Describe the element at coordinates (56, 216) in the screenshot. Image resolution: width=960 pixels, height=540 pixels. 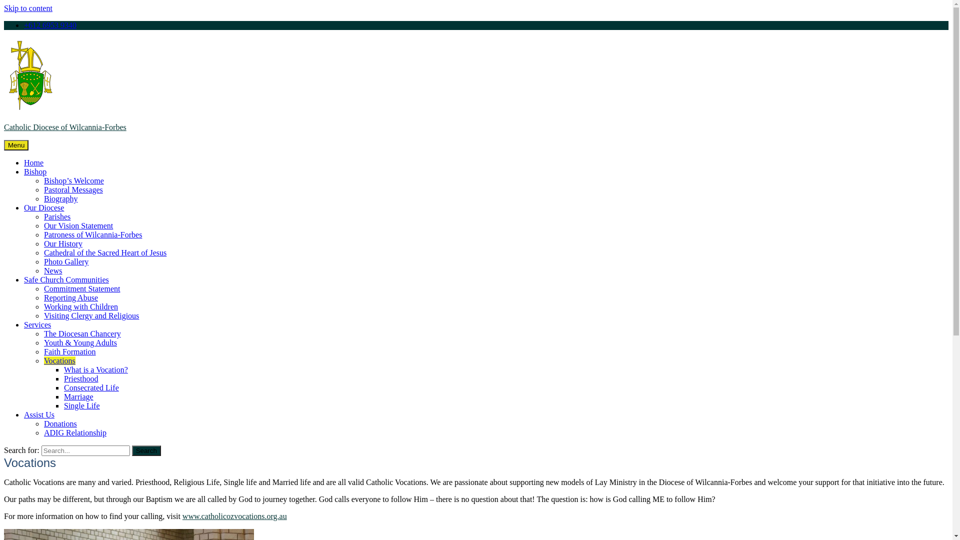
I see `'Parishes'` at that location.